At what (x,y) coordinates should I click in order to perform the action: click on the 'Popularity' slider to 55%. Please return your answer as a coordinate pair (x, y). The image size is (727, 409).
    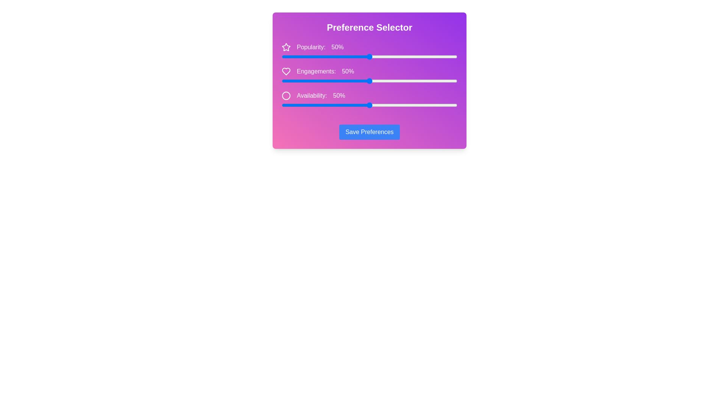
    Looking at the image, I should click on (378, 56).